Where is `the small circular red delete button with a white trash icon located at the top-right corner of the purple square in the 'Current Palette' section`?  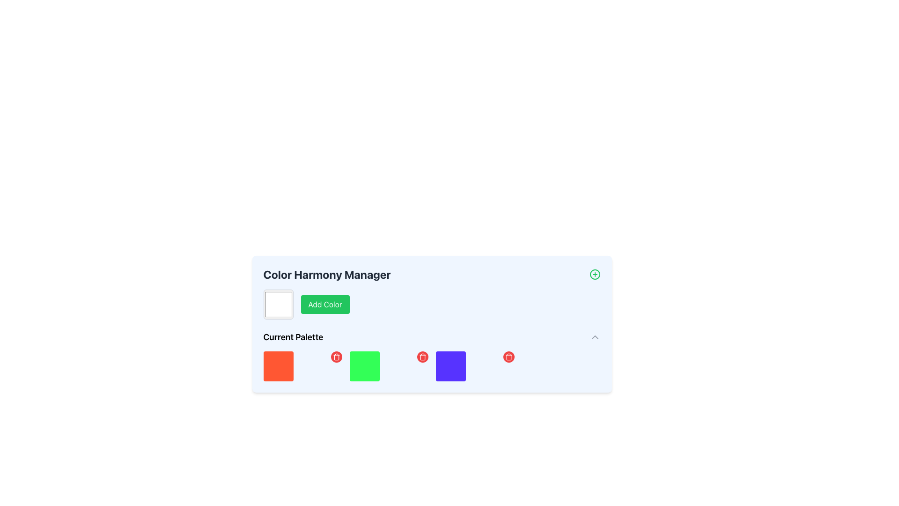 the small circular red delete button with a white trash icon located at the top-right corner of the purple square in the 'Current Palette' section is located at coordinates (508, 357).